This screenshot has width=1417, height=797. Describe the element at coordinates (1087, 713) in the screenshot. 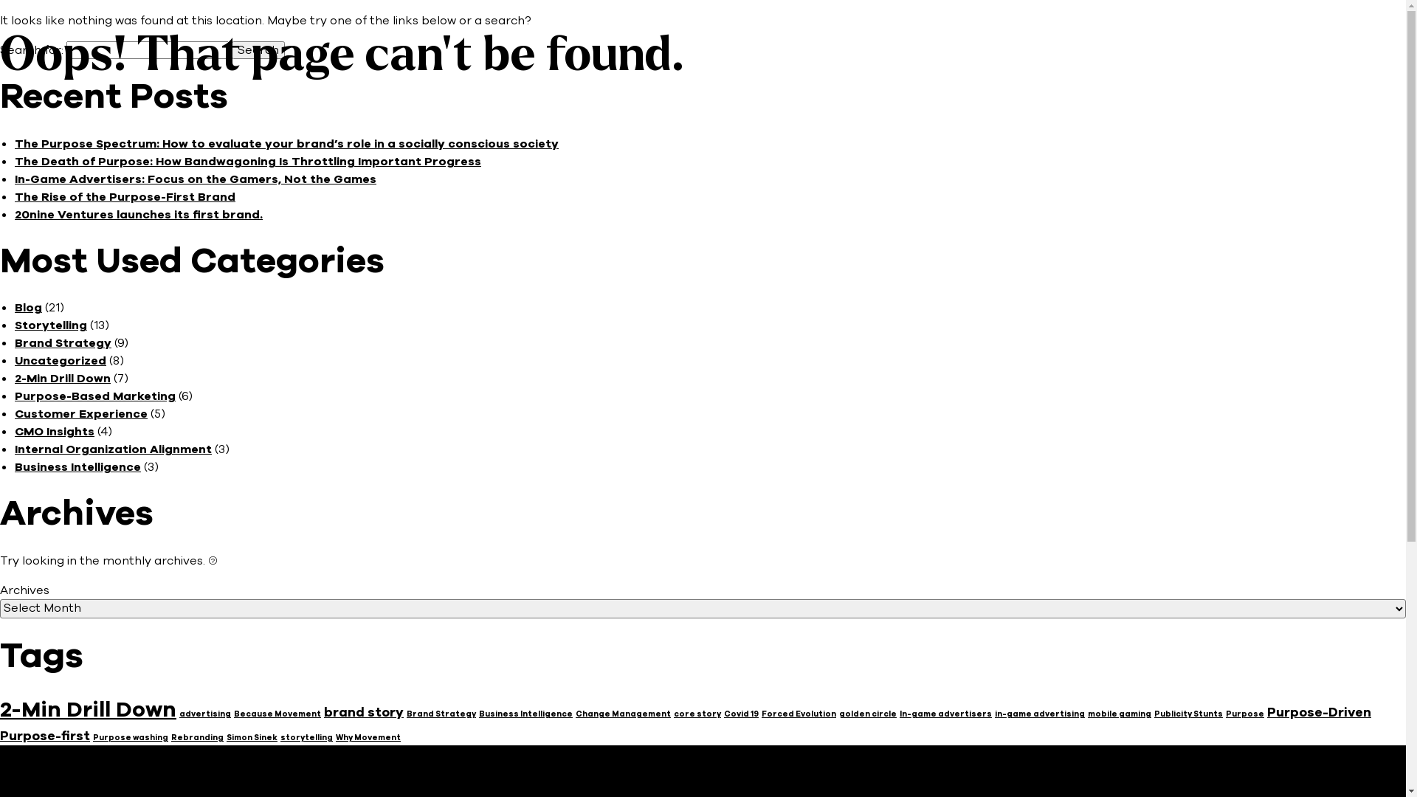

I see `'mobile gaming'` at that location.